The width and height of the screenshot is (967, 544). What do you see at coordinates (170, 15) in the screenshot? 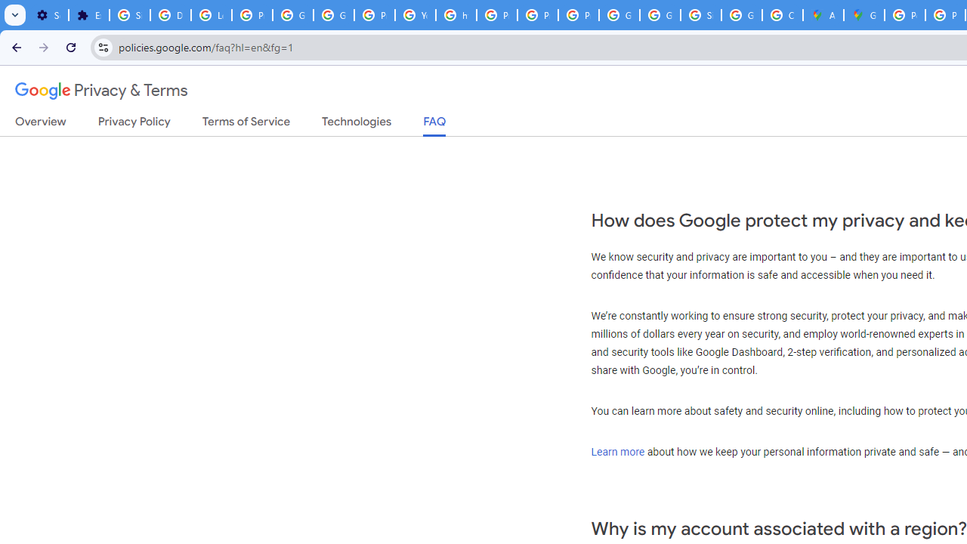
I see `'Delete photos & videos - Computer - Google Photos Help'` at bounding box center [170, 15].